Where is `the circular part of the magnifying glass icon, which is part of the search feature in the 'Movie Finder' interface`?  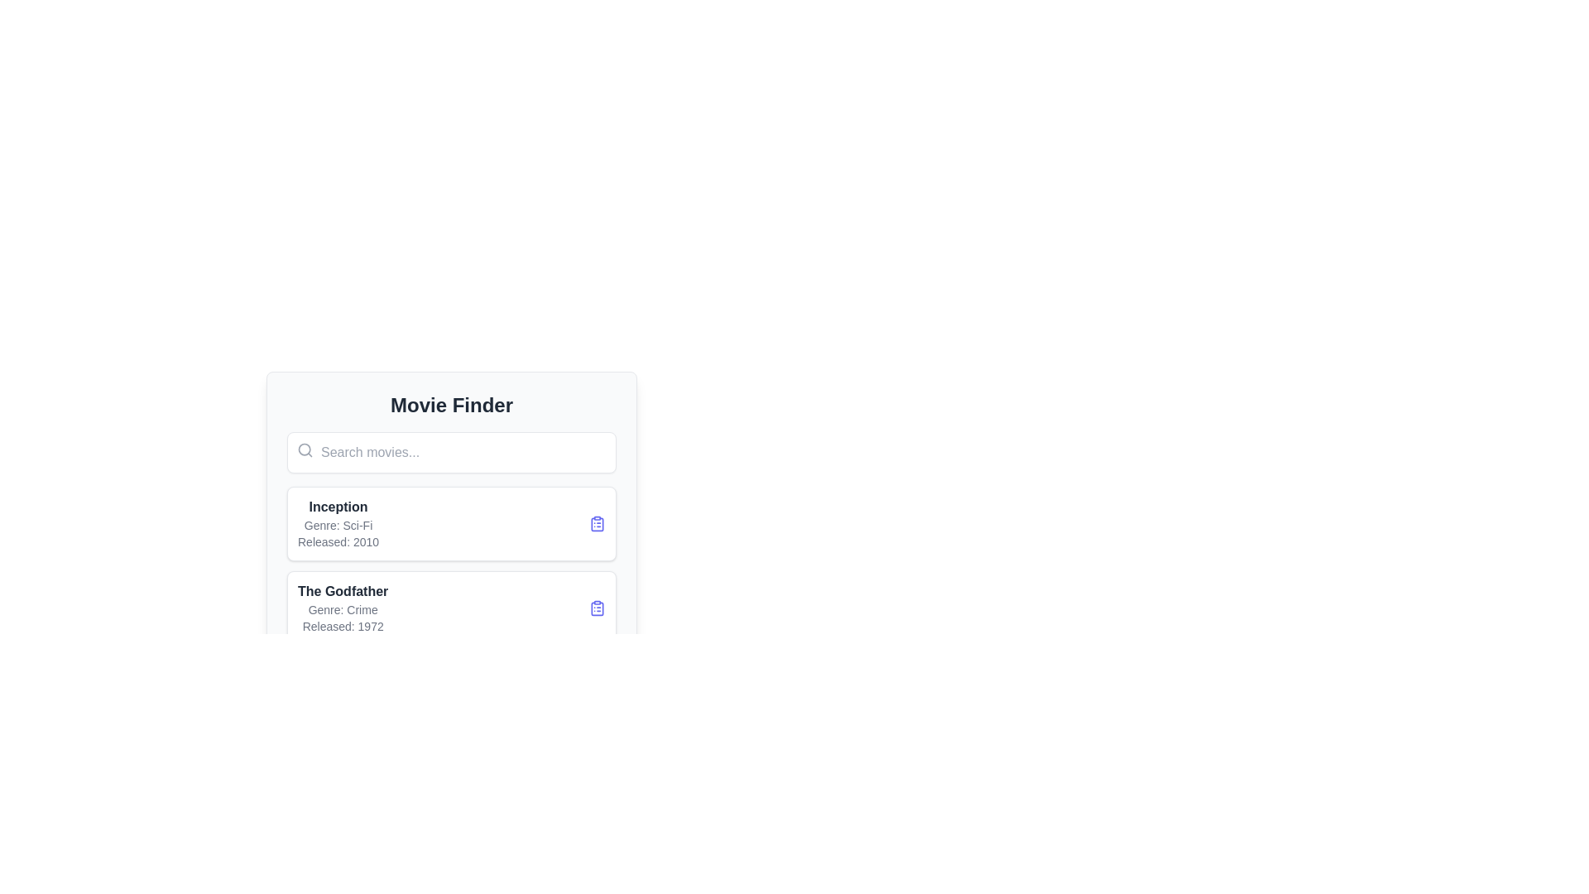
the circular part of the magnifying glass icon, which is part of the search feature in the 'Movie Finder' interface is located at coordinates (305, 449).